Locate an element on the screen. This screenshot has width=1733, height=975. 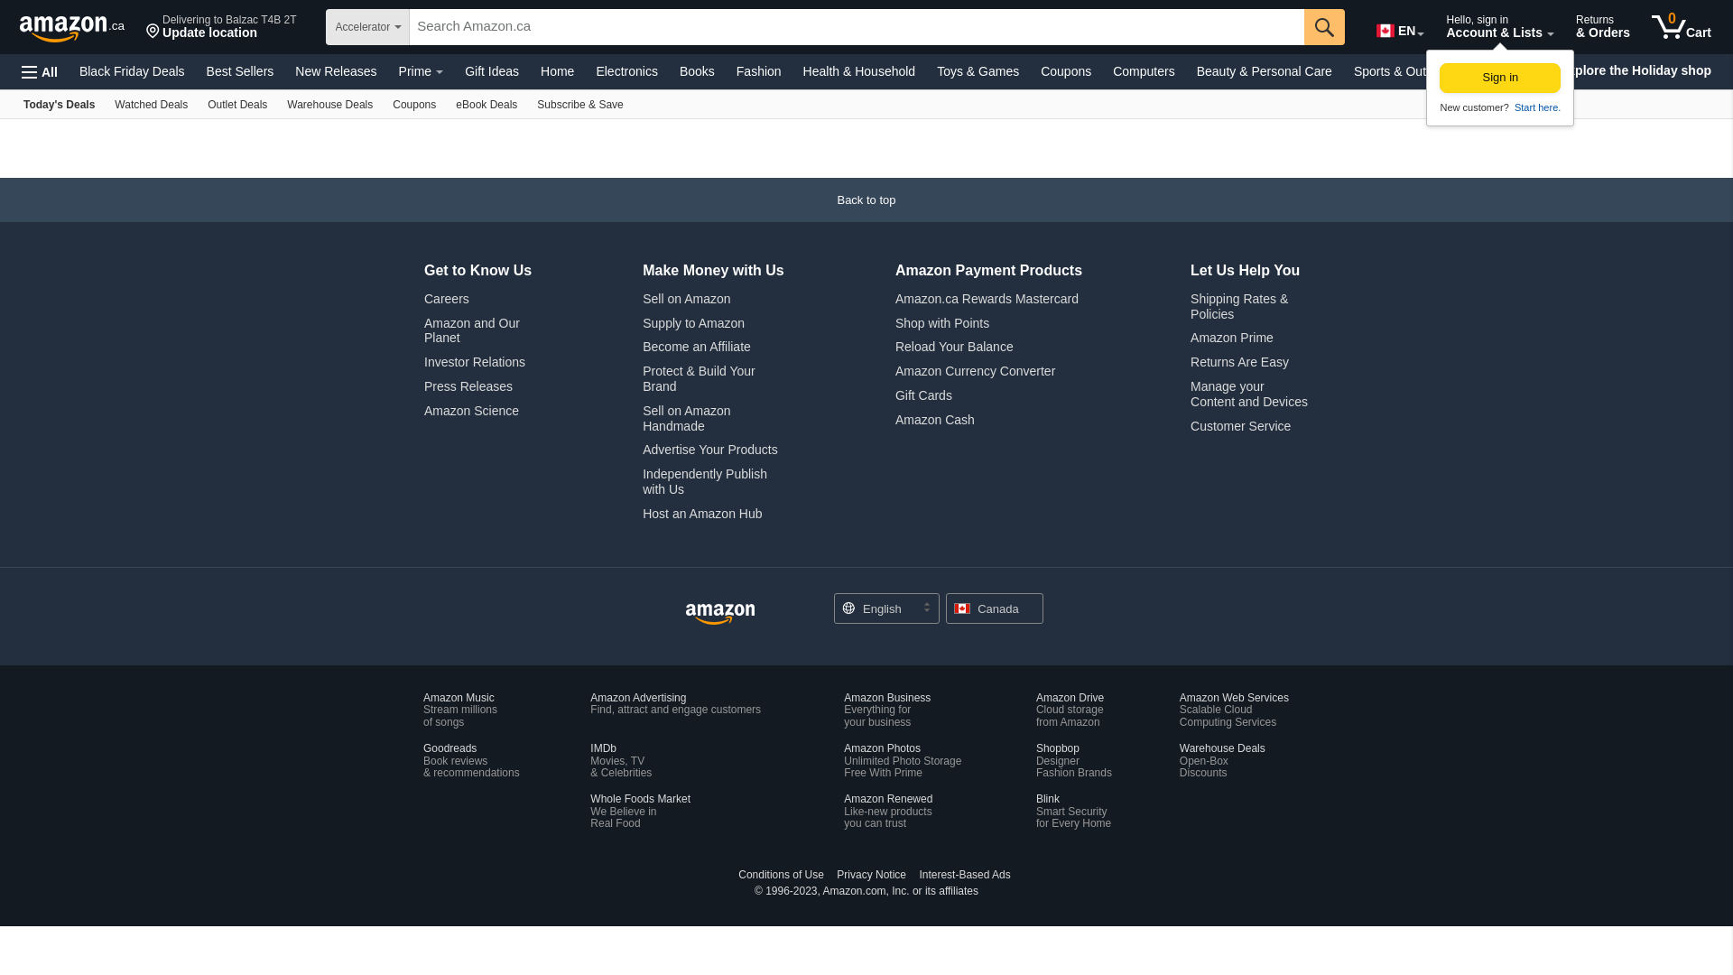
'EN' is located at coordinates (1365, 27).